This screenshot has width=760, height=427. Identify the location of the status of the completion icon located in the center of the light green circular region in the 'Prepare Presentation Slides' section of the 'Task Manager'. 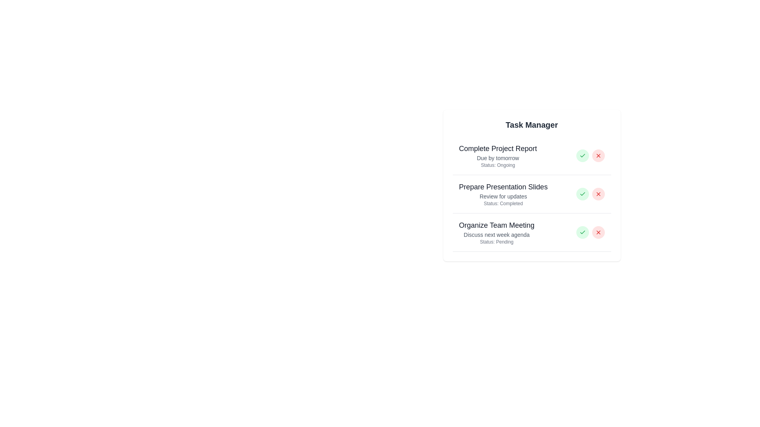
(582, 155).